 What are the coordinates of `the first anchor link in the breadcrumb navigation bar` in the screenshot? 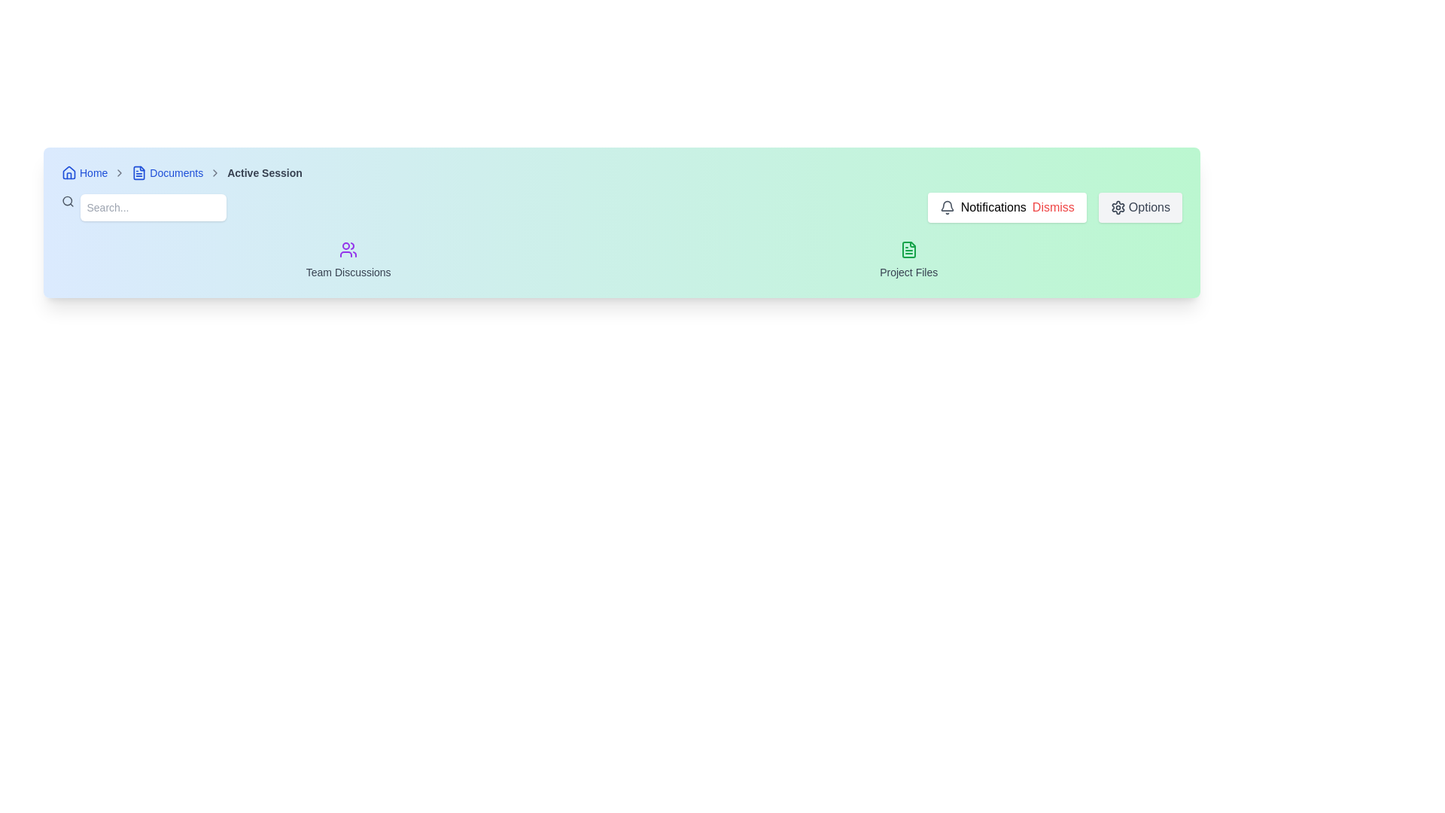 It's located at (84, 172).